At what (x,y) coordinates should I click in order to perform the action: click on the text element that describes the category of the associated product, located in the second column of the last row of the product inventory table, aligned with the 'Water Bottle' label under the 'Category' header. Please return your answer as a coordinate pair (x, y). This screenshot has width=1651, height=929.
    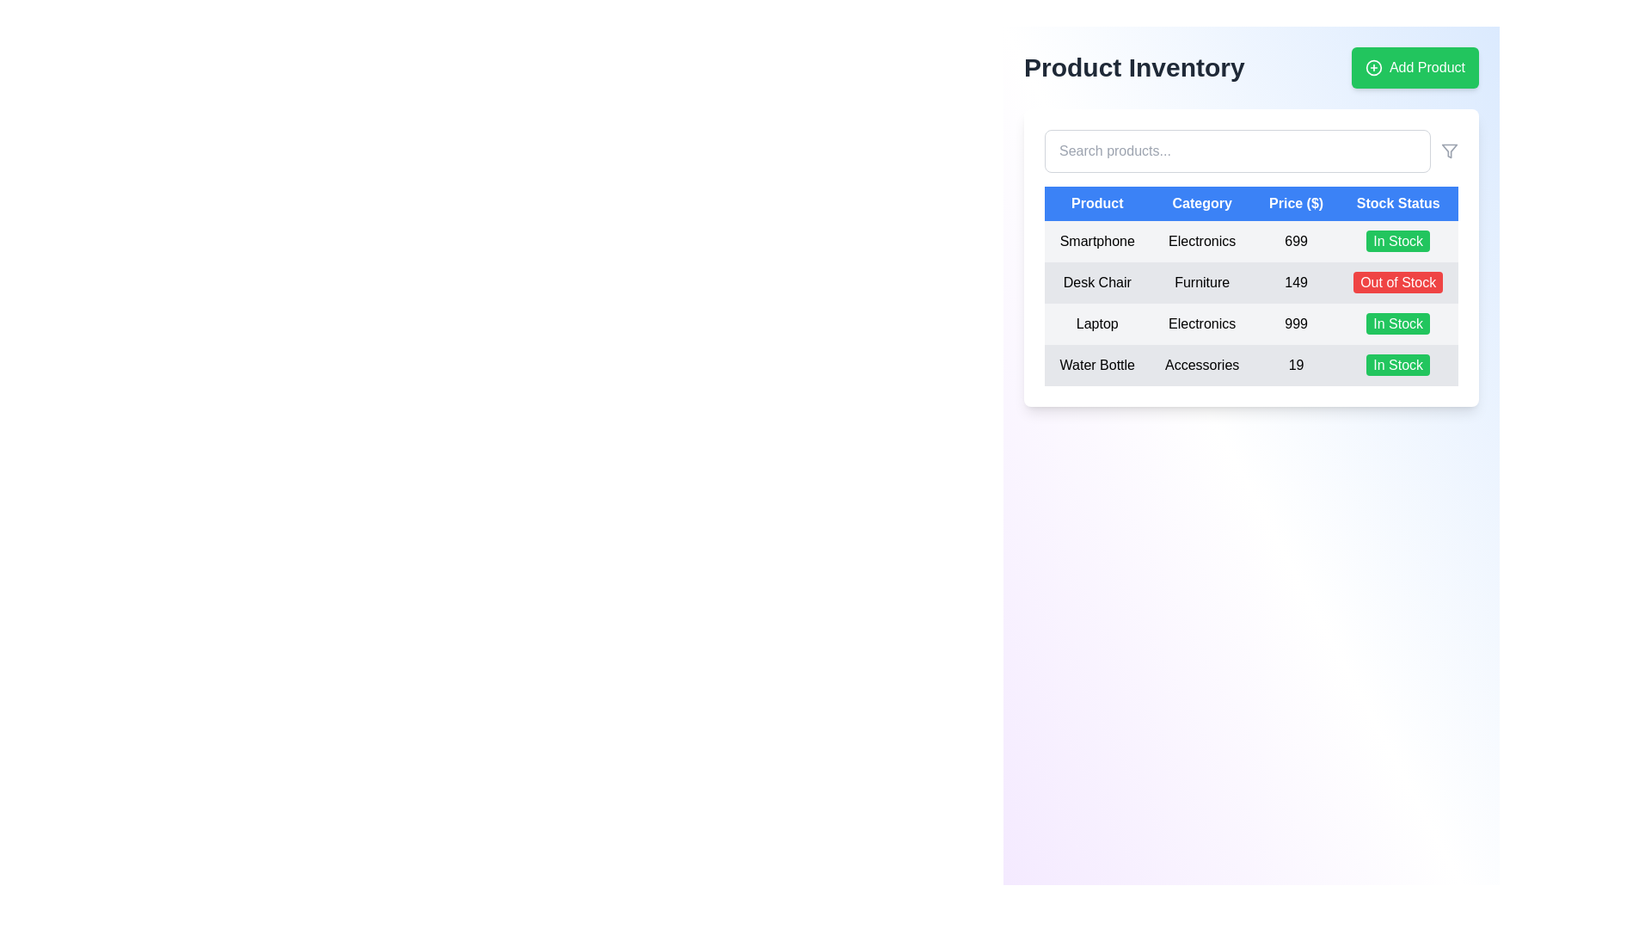
    Looking at the image, I should click on (1201, 364).